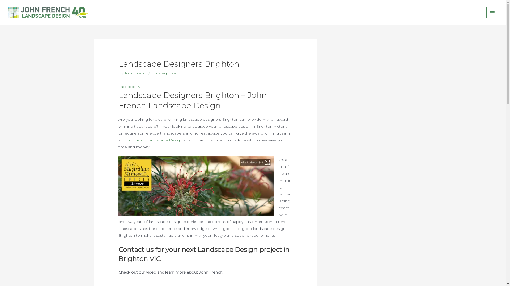 This screenshot has height=286, width=510. Describe the element at coordinates (124, 73) in the screenshot. I see `'John French'` at that location.